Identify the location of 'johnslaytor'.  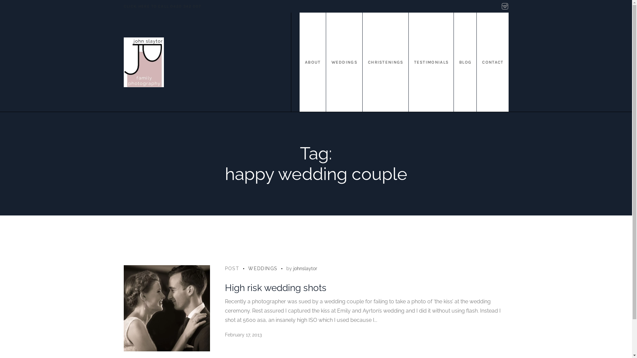
(305, 268).